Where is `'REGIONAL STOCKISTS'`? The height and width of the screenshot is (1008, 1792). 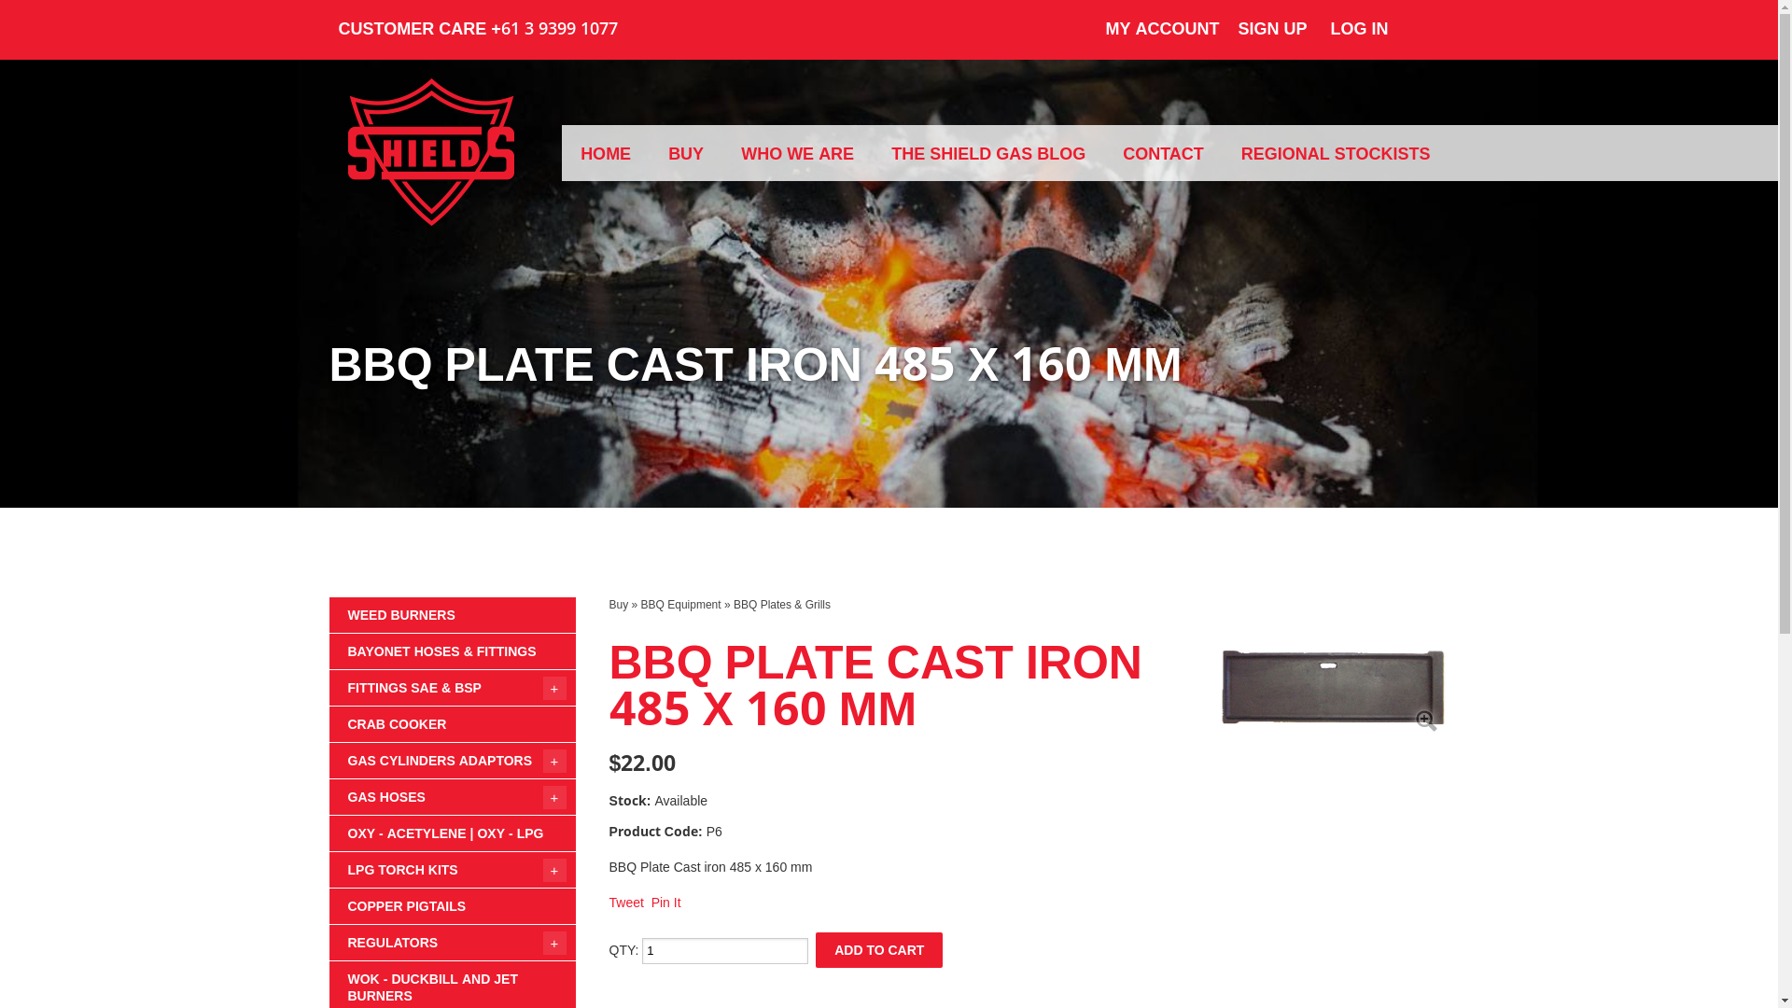 'REGIONAL STOCKISTS' is located at coordinates (1335, 152).